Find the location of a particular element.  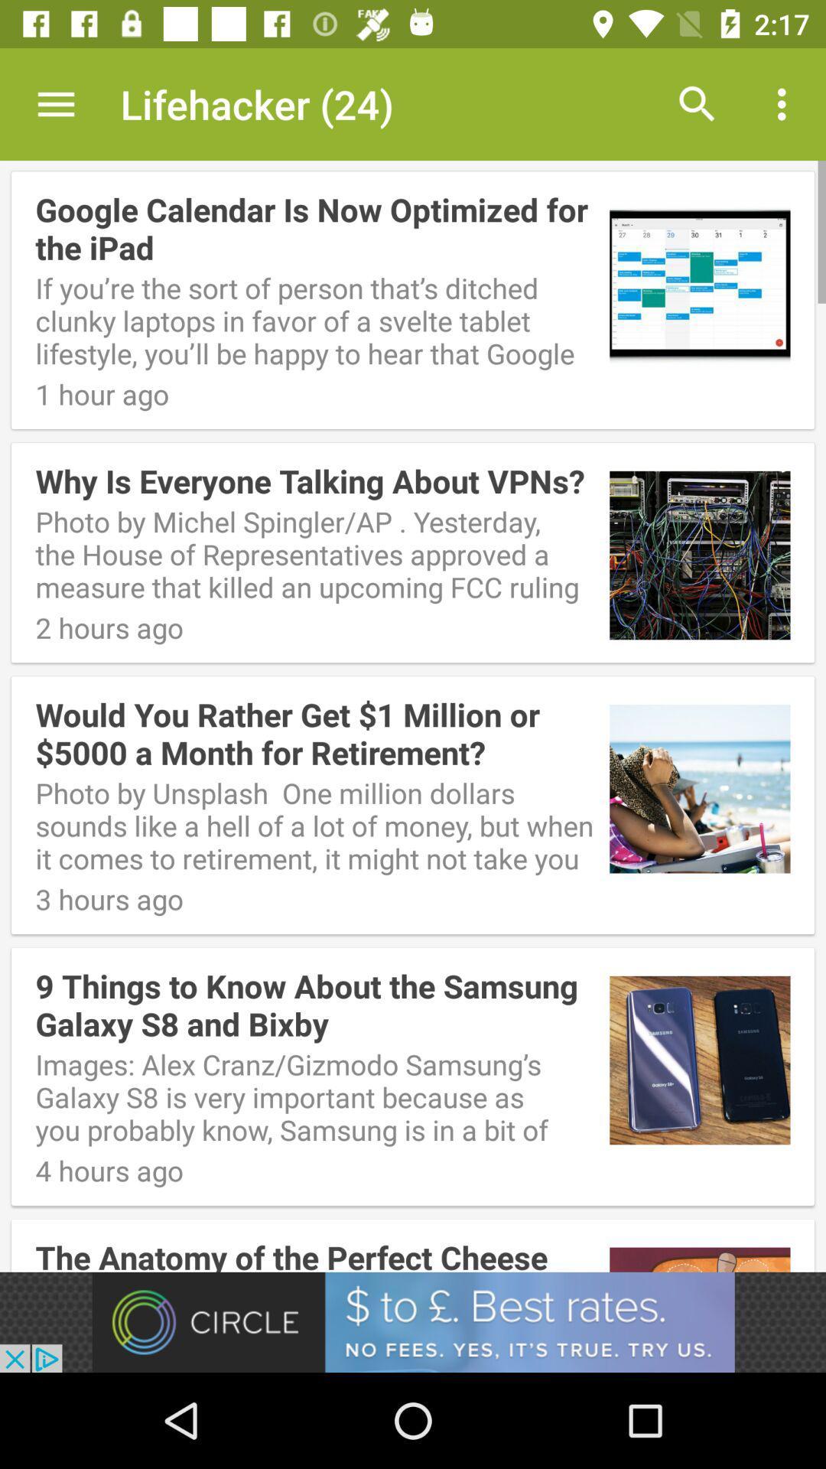

advertisement is located at coordinates (413, 1321).